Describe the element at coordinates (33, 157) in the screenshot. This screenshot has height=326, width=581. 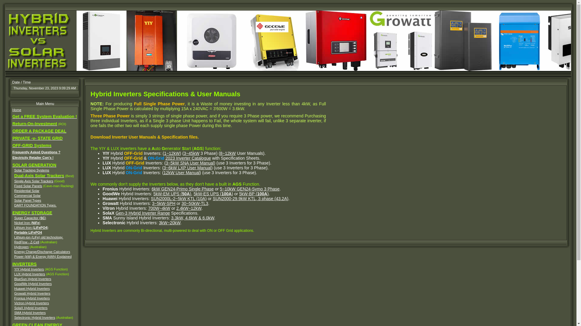
I see `'Electricity Retailer Con's !'` at that location.